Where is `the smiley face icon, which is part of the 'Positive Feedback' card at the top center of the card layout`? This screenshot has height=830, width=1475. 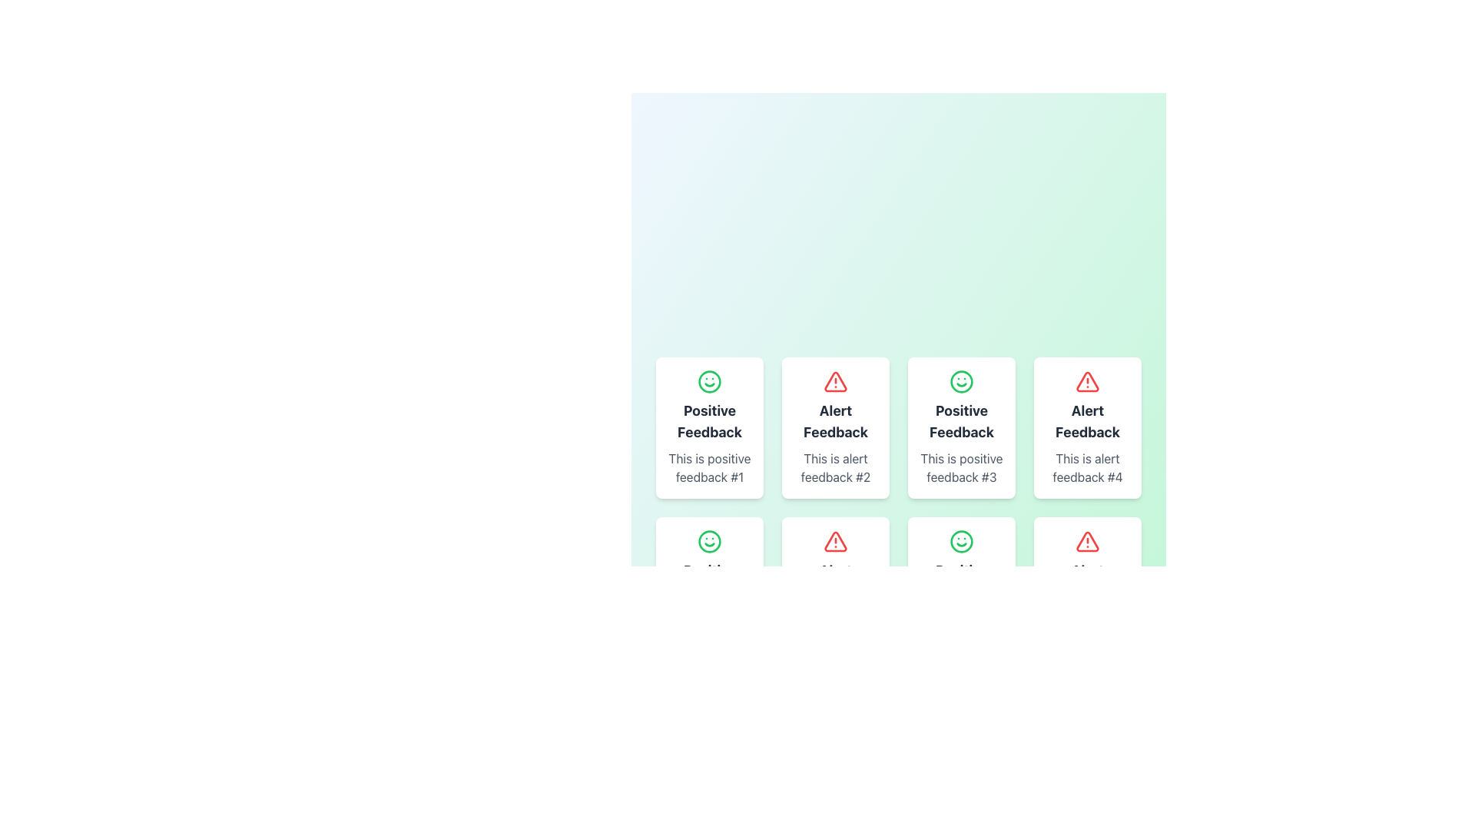 the smiley face icon, which is part of the 'Positive Feedback' card at the top center of the card layout is located at coordinates (709, 381).